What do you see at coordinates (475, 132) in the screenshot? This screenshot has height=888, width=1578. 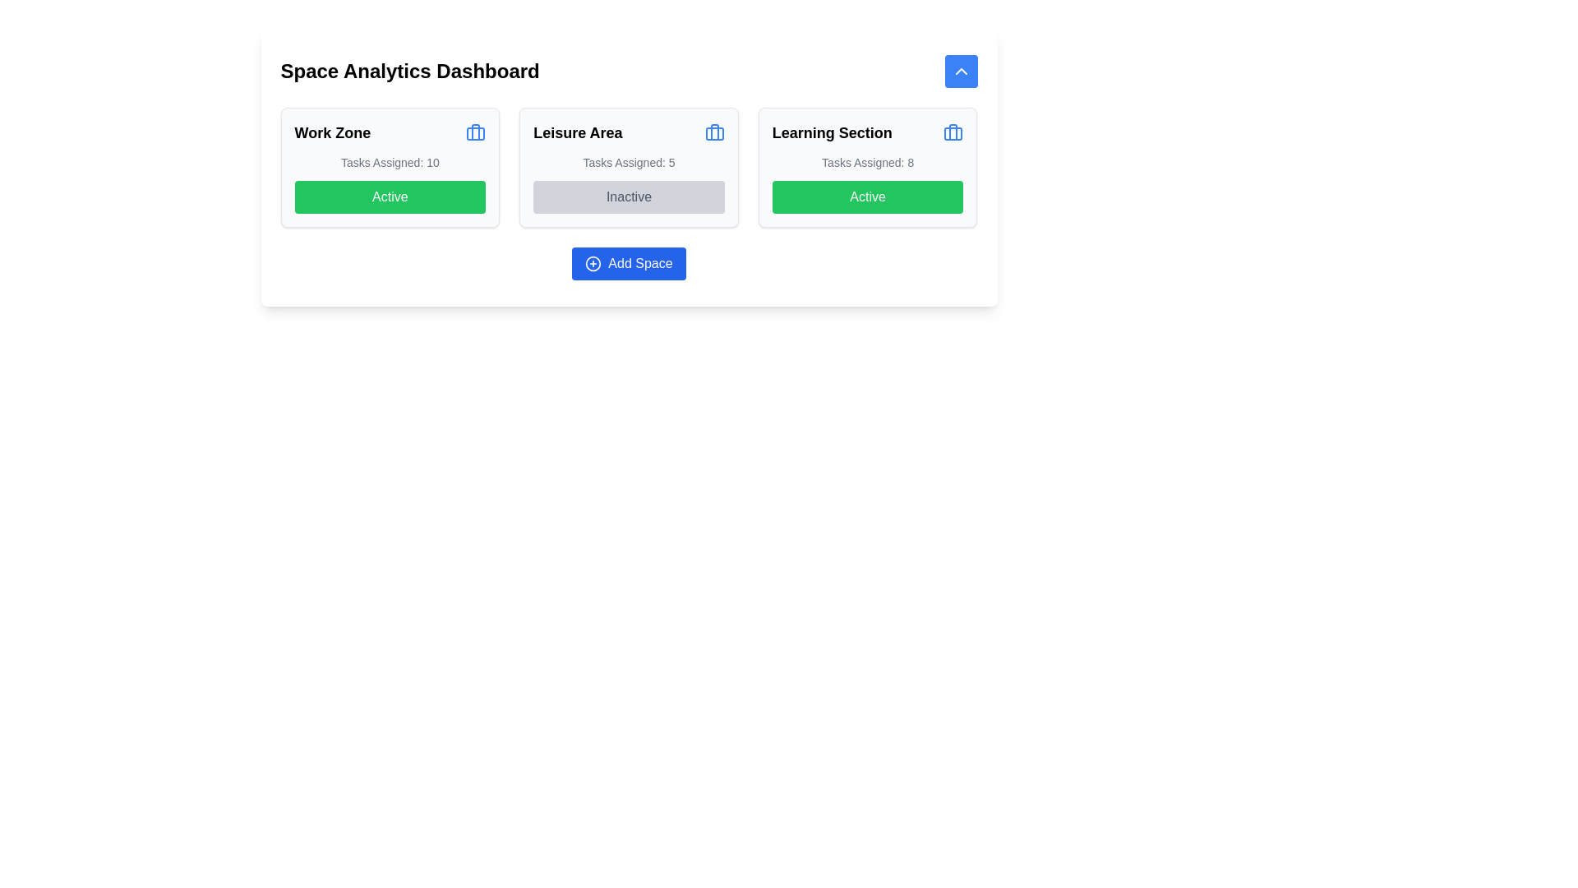 I see `the icon located in the top-right corner of the 'Work Zone' card, beside the title text 'Work Zone'` at bounding box center [475, 132].